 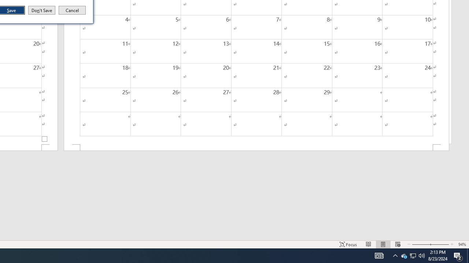 What do you see at coordinates (379, 255) in the screenshot?
I see `'AutomationID: 4105'` at bounding box center [379, 255].